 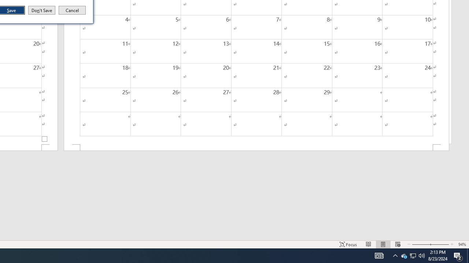 What do you see at coordinates (379, 255) in the screenshot?
I see `'AutomationID: 4105'` at bounding box center [379, 255].